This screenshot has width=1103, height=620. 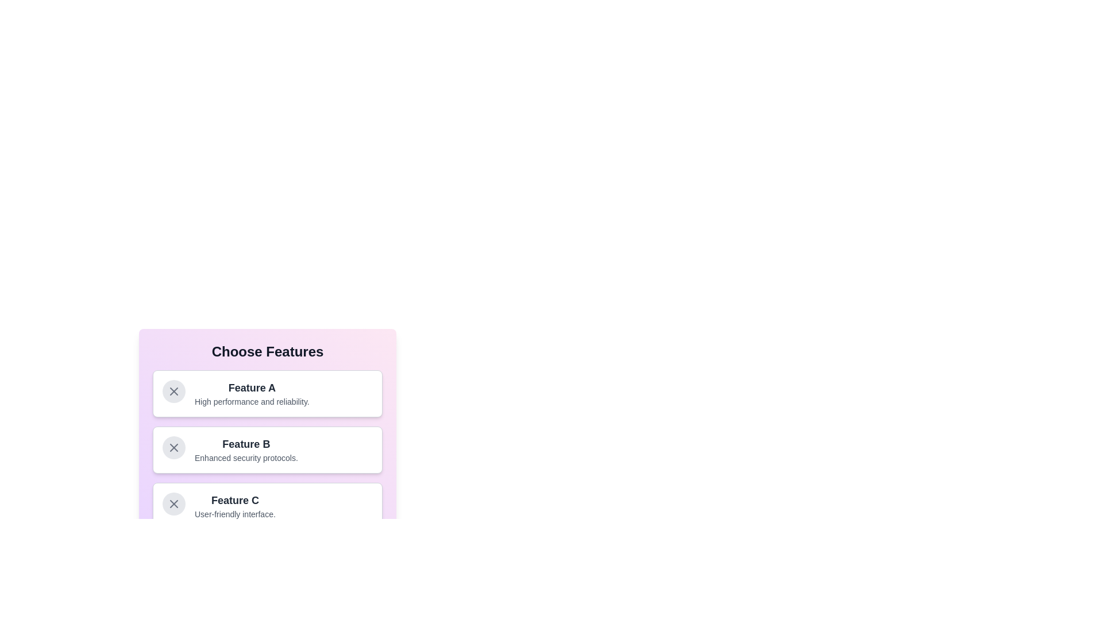 I want to click on the text block that has the title 'Feature C' and the description 'User-friendly interface.' positioned under the section labeled 'Choose Features', so click(x=234, y=506).